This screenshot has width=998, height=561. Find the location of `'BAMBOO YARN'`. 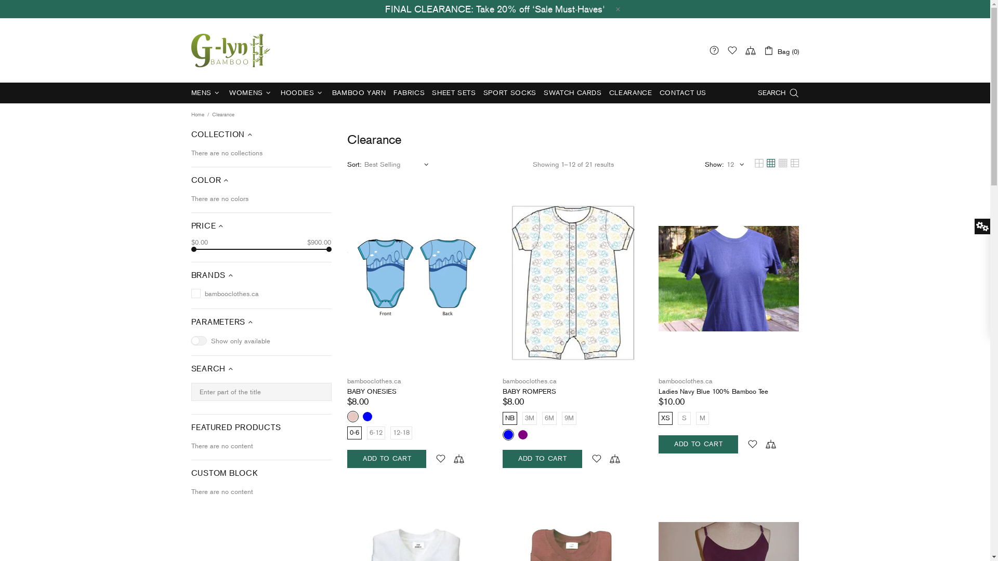

'BAMBOO YARN' is located at coordinates (359, 92).